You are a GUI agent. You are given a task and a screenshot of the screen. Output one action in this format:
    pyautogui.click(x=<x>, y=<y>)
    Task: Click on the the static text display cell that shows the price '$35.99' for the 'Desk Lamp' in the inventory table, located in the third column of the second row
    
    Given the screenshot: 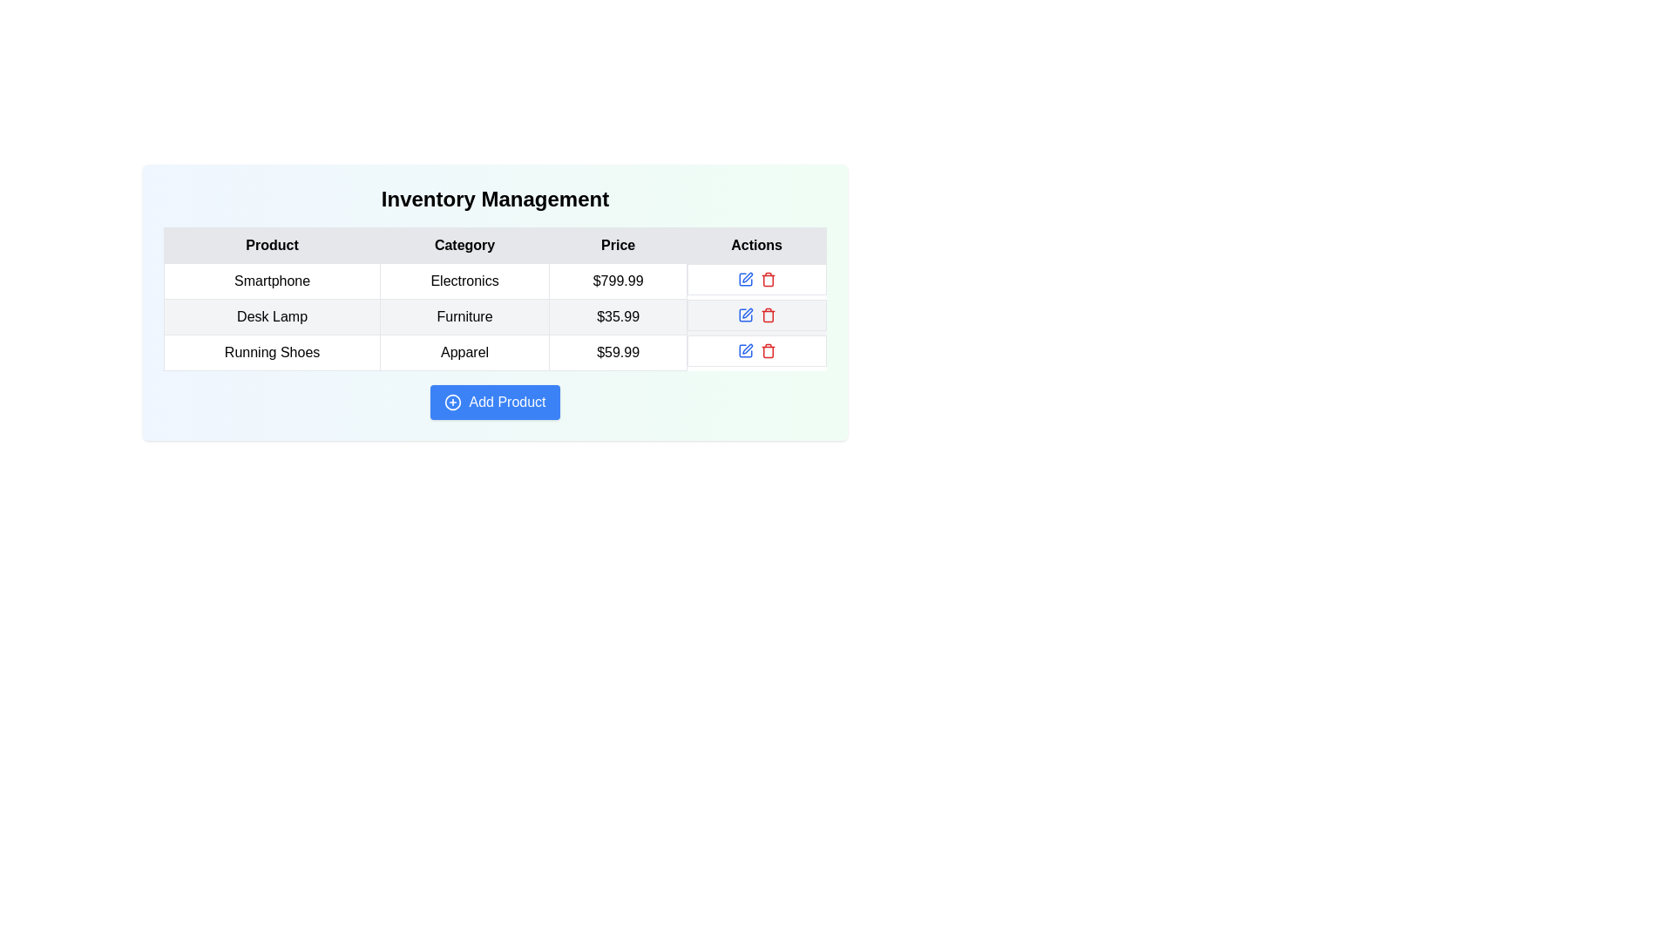 What is the action you would take?
    pyautogui.click(x=618, y=316)
    